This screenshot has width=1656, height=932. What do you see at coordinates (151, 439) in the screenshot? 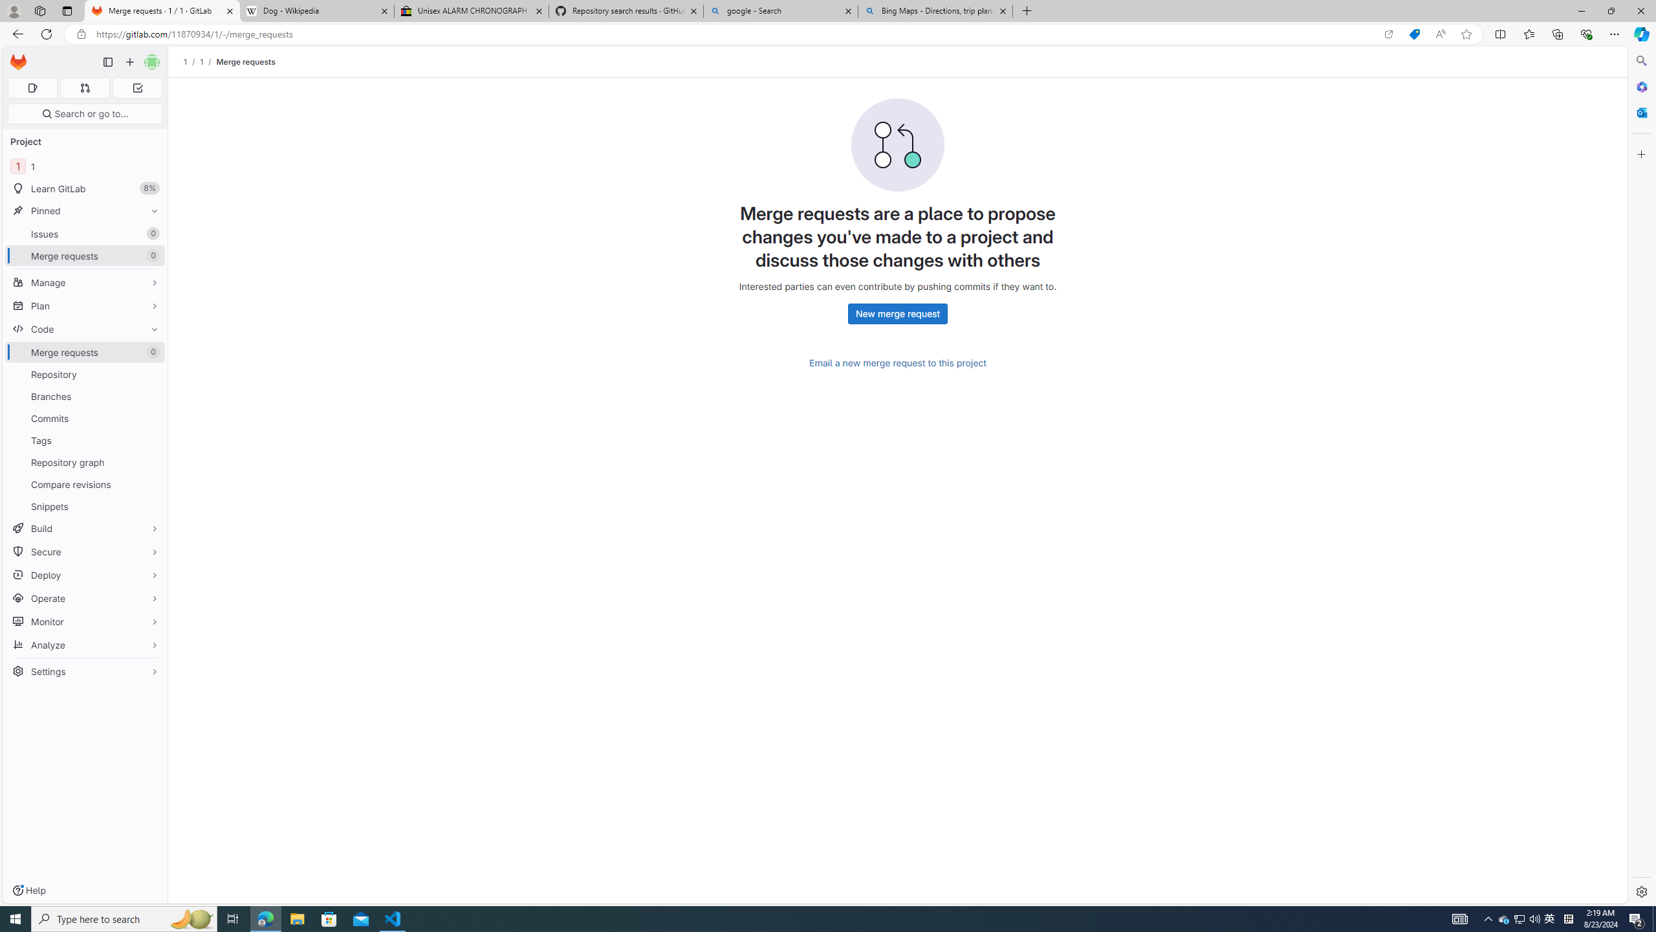
I see `'Pin Tags'` at bounding box center [151, 439].